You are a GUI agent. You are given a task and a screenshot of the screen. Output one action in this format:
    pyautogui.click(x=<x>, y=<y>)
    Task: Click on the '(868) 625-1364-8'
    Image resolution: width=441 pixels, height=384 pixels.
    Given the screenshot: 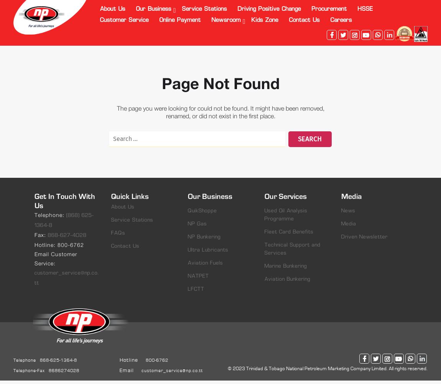 What is the action you would take?
    pyautogui.click(x=64, y=220)
    